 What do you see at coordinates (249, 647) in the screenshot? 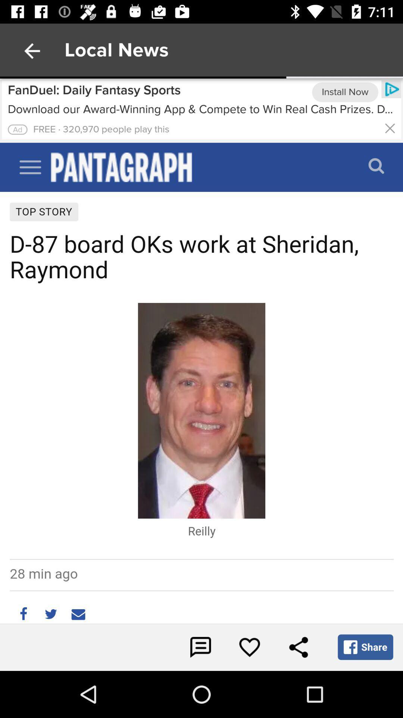
I see `the favorite icon` at bounding box center [249, 647].